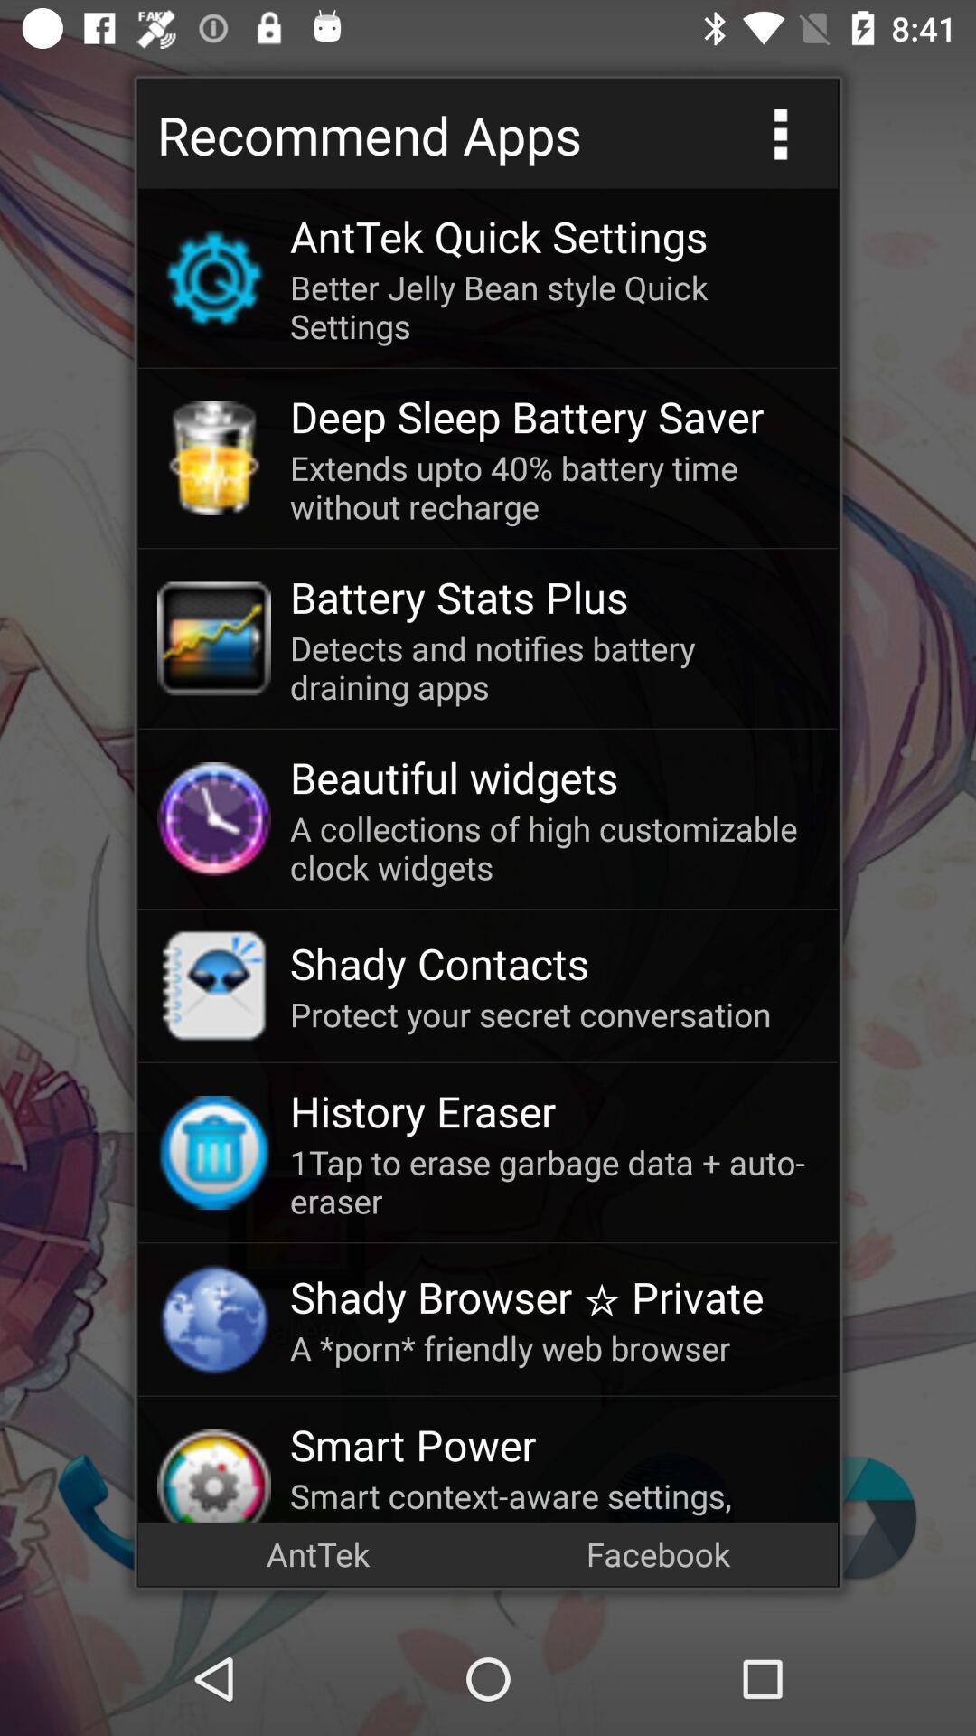 Image resolution: width=976 pixels, height=1736 pixels. I want to click on protect your secret, so click(553, 1014).